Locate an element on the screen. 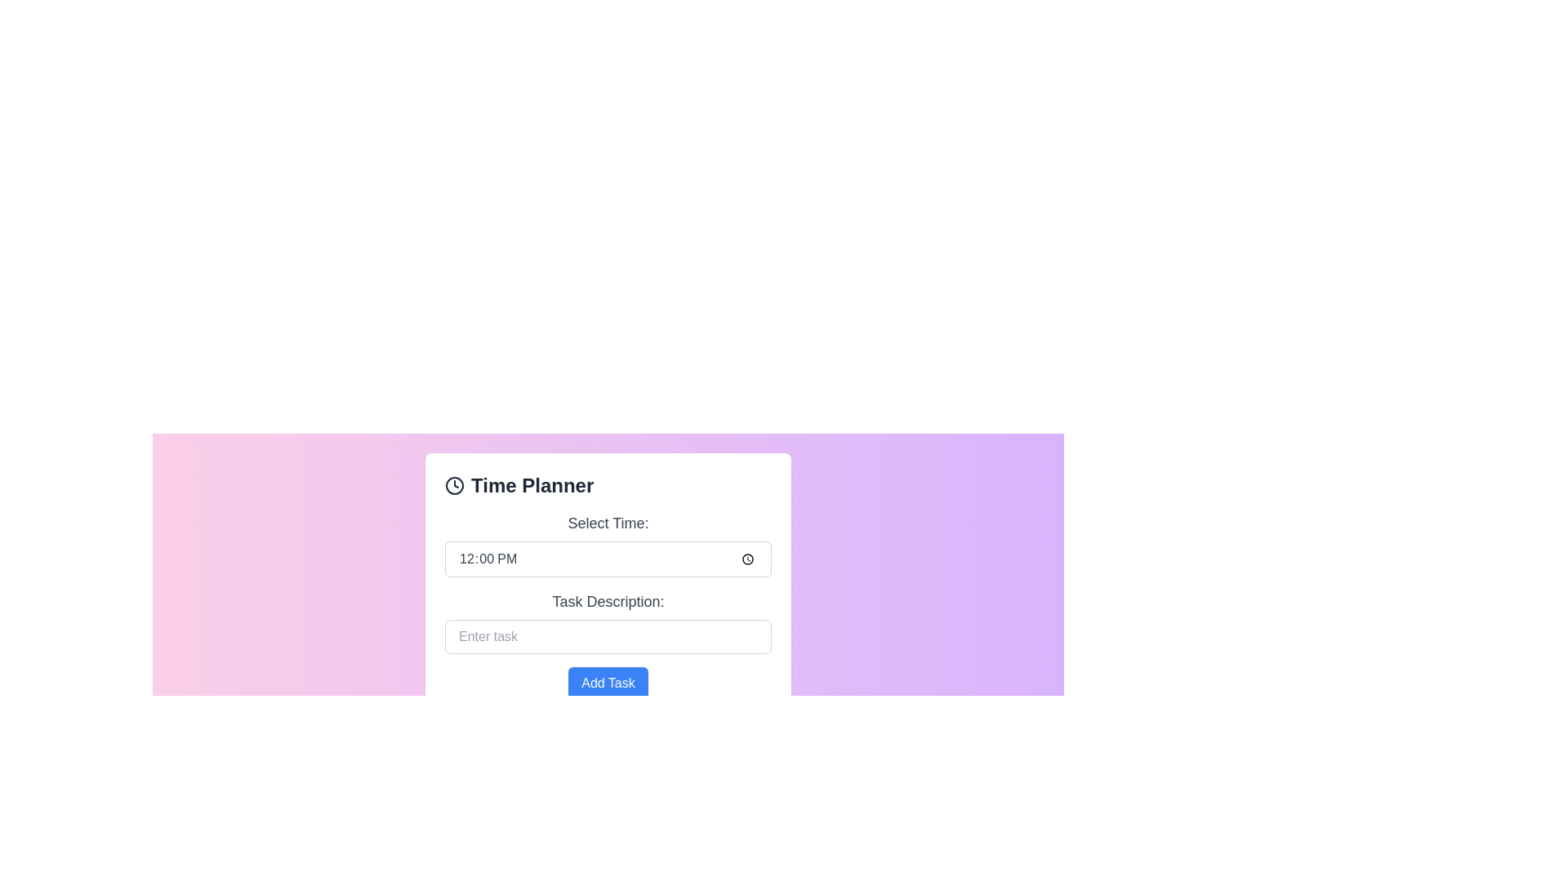 This screenshot has height=882, width=1568. the text label that serves as a descriptor for the task input field, to associate it with the input field below is located at coordinates (607, 601).